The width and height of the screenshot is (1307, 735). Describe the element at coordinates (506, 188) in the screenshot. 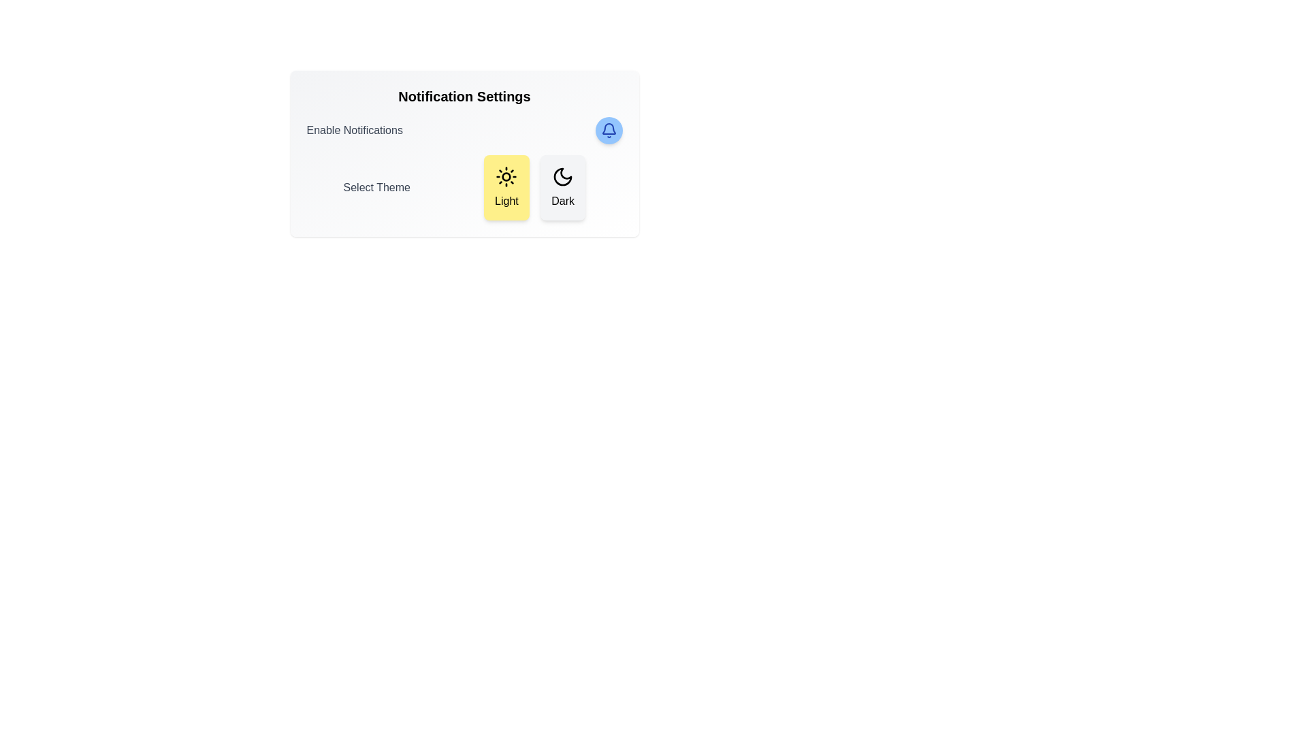

I see `the theme button labeled Light to select the corresponding theme` at that location.